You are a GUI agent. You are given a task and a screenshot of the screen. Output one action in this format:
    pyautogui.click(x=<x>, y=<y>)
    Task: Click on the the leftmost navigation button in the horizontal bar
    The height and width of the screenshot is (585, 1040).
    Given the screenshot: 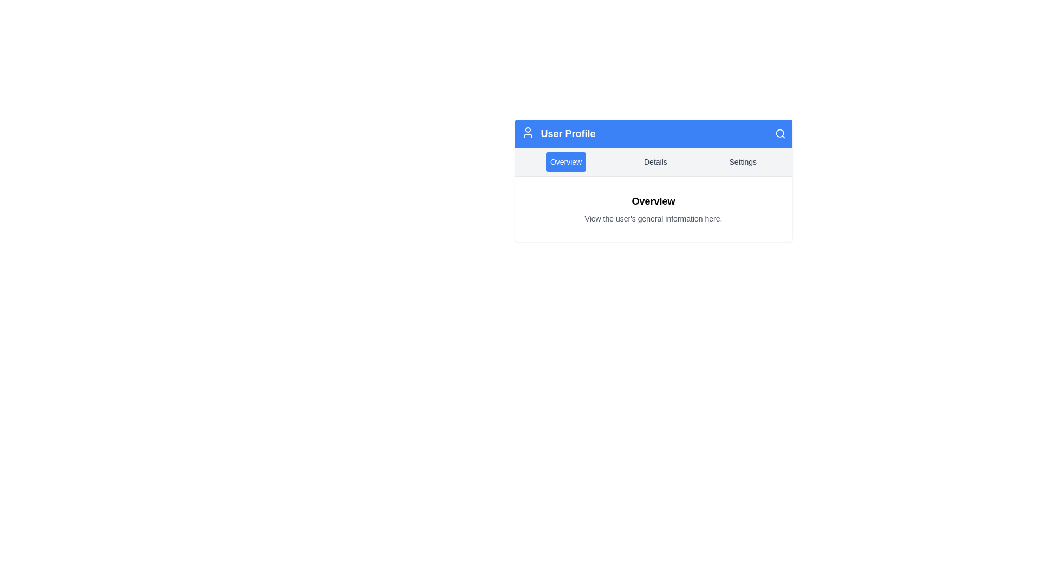 What is the action you would take?
    pyautogui.click(x=565, y=162)
    